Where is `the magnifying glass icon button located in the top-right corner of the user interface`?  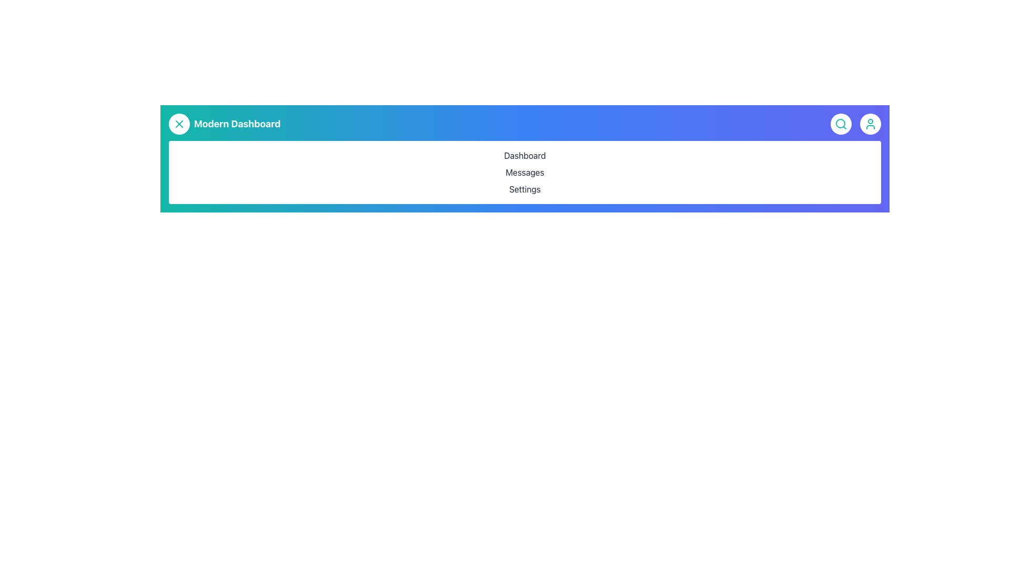
the magnifying glass icon button located in the top-right corner of the user interface is located at coordinates (840, 123).